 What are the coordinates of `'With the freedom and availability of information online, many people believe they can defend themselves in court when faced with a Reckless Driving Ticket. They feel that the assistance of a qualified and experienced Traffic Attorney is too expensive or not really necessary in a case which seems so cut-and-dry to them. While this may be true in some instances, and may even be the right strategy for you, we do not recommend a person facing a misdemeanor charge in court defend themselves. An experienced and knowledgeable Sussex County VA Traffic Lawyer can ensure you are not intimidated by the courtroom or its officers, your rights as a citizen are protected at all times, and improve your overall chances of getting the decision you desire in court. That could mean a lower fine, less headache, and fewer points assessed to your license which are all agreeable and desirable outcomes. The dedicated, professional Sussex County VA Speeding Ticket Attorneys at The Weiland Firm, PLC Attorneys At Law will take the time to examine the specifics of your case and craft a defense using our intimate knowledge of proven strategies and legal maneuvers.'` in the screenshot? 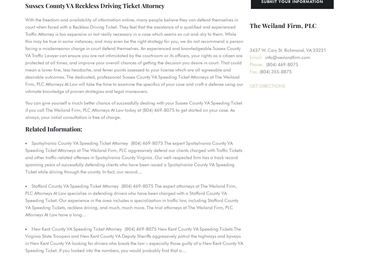 It's located at (134, 56).